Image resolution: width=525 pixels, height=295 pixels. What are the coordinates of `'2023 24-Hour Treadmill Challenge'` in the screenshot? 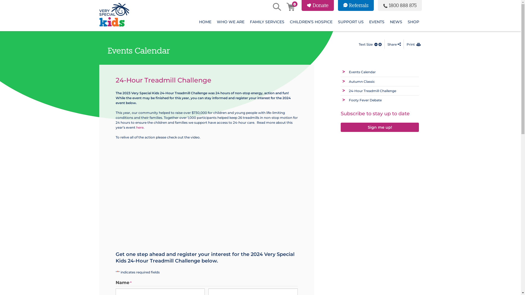 It's located at (200, 192).